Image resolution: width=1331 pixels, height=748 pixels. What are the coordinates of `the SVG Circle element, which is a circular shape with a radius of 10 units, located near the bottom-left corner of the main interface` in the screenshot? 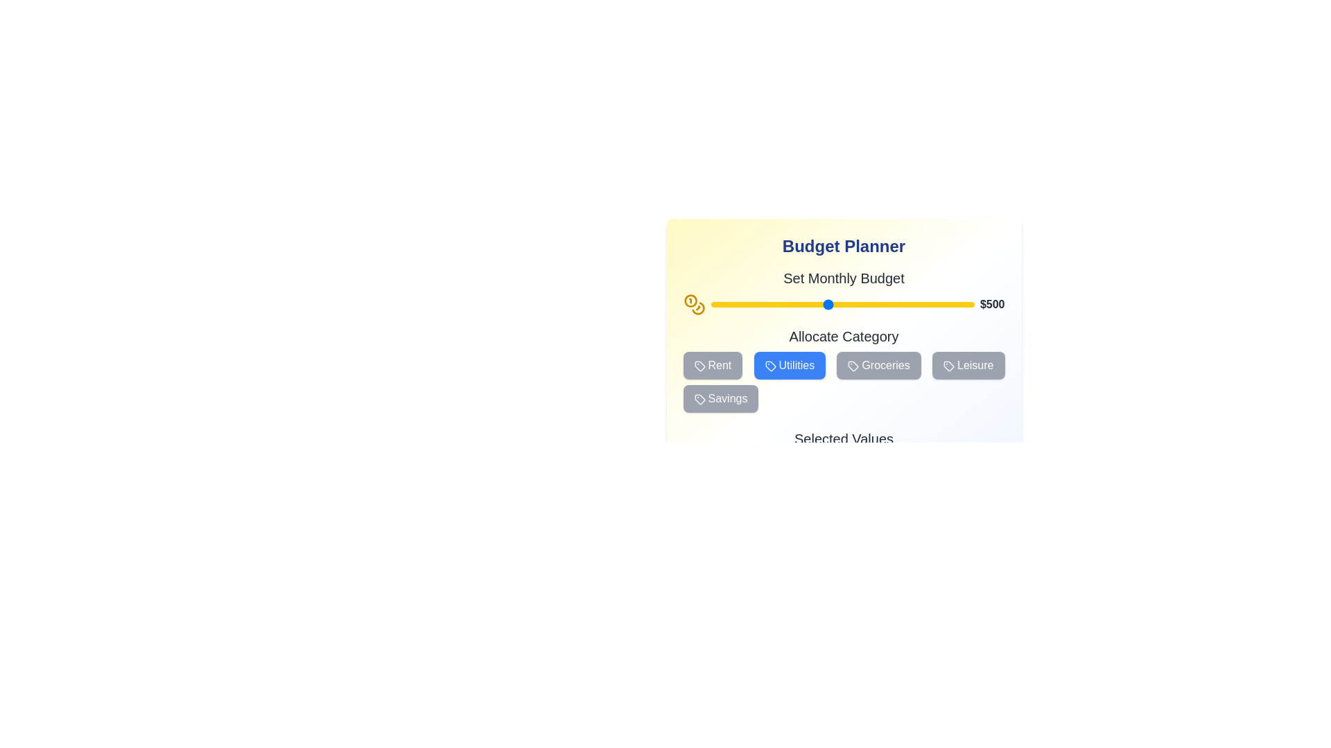 It's located at (691, 467).